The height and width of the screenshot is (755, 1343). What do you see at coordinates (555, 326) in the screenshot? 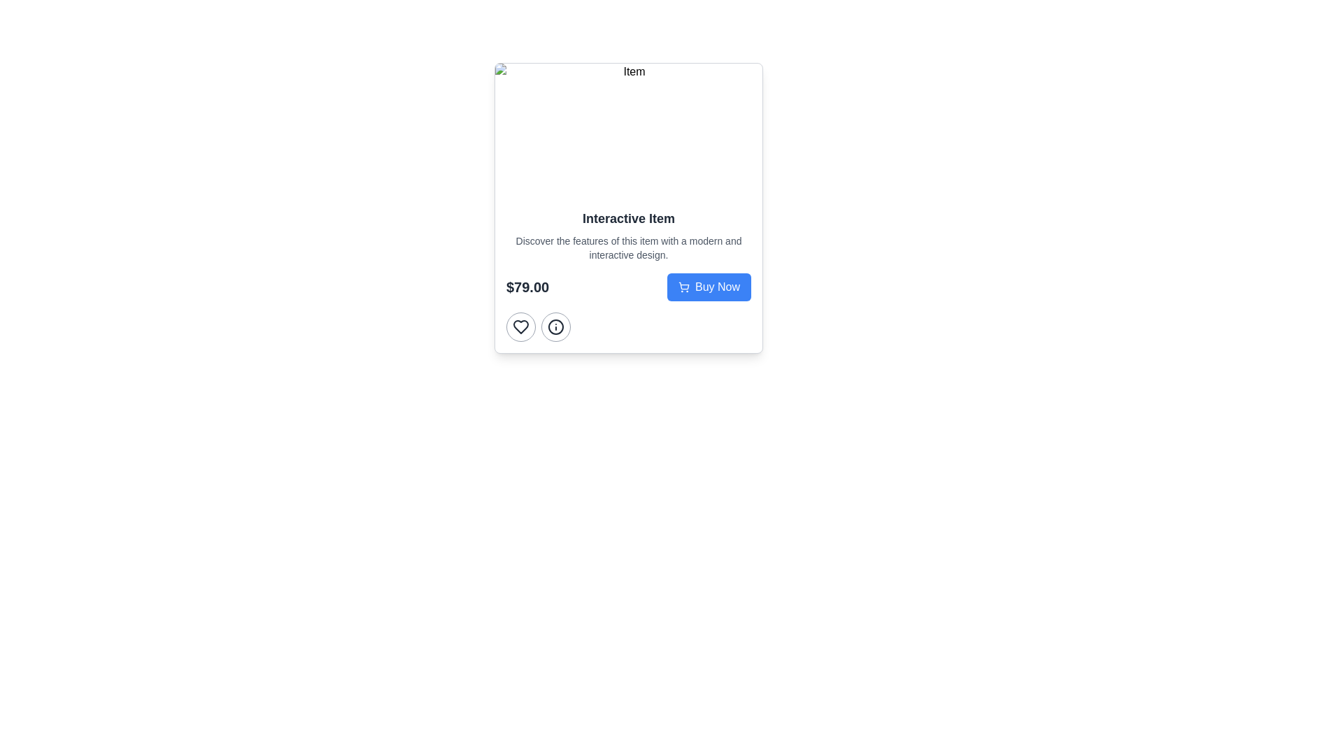
I see `the circular icon with an 'i' symbol, which is the second icon from the left in the list of interactive icons beneath the product description and price section of the product card` at bounding box center [555, 326].